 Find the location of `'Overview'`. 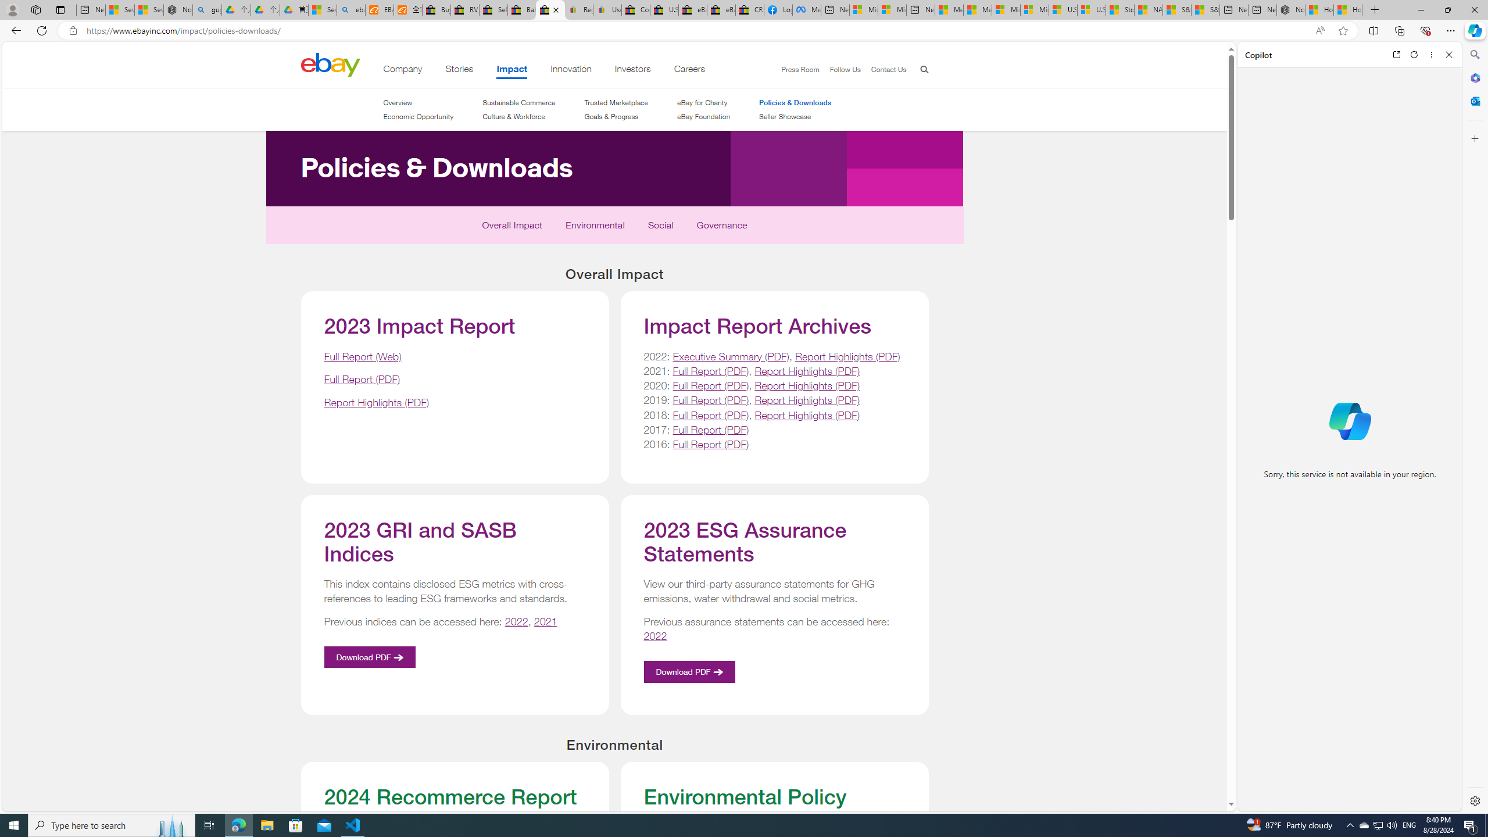

'Overview' is located at coordinates (396, 102).